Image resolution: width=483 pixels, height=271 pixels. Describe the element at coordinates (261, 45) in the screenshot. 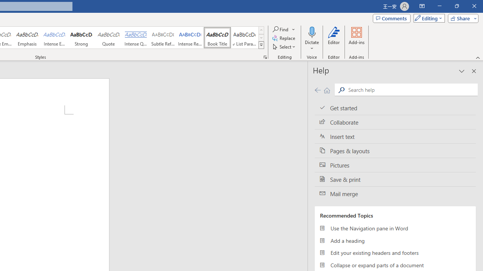

I see `'Styles'` at that location.